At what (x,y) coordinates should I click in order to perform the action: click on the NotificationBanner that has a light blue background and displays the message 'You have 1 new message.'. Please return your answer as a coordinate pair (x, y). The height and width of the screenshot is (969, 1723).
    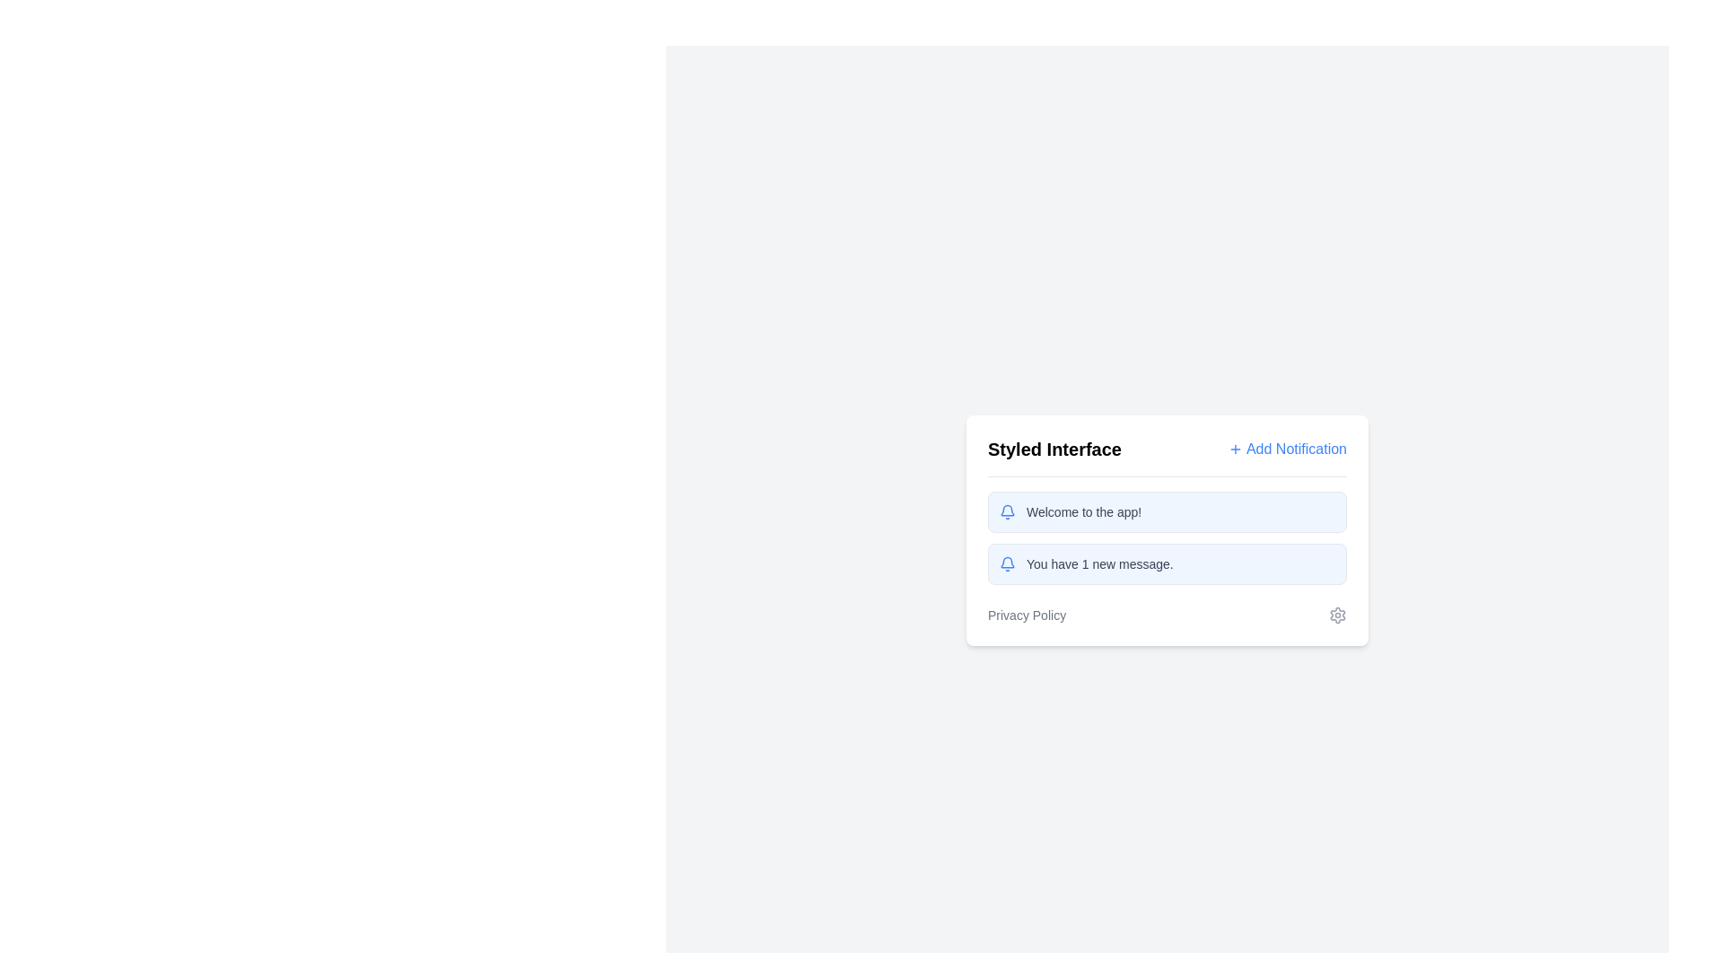
    Looking at the image, I should click on (1167, 563).